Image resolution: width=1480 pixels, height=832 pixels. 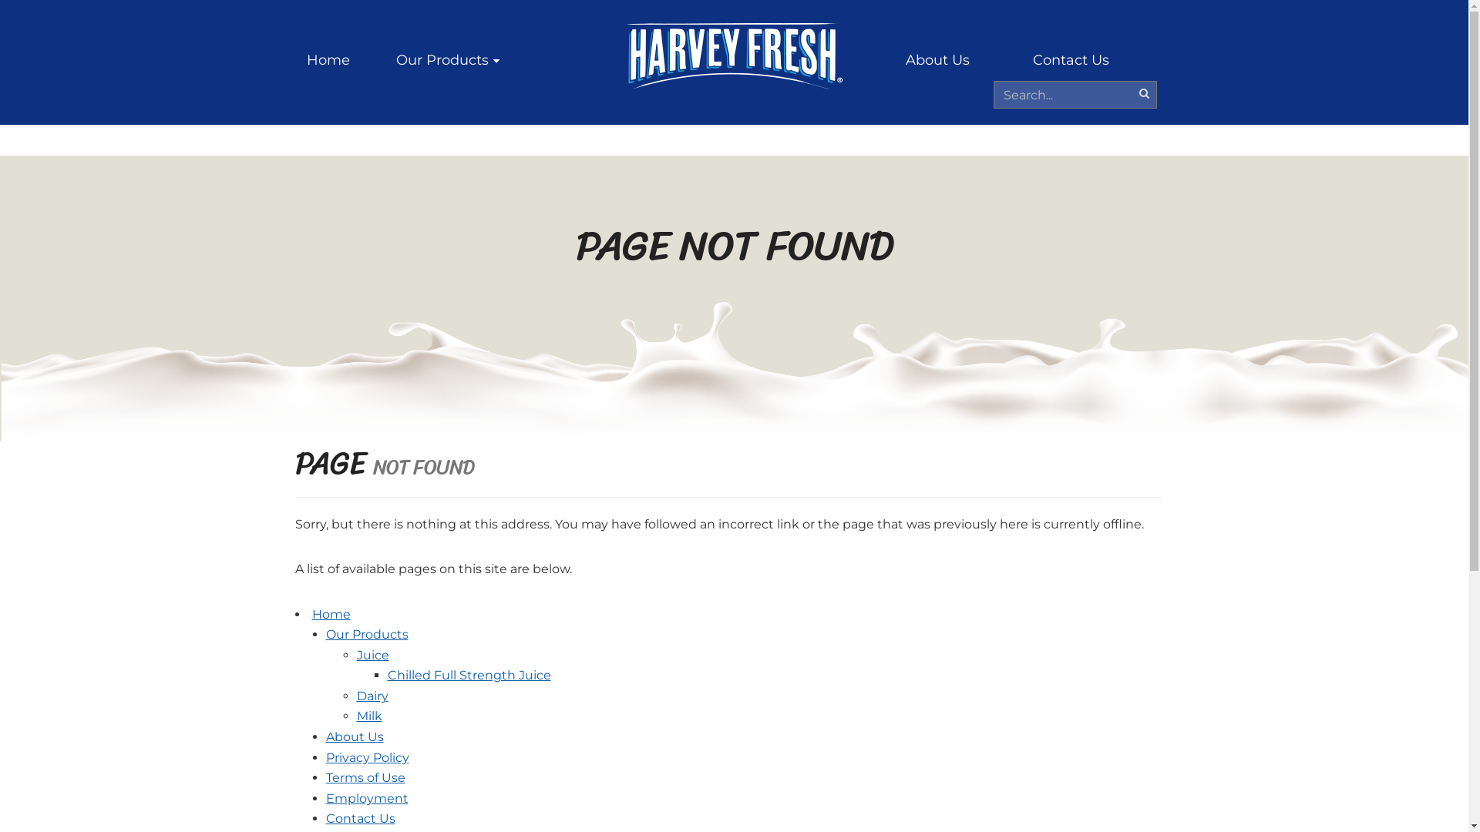 I want to click on 'Contact Us', so click(x=325, y=817).